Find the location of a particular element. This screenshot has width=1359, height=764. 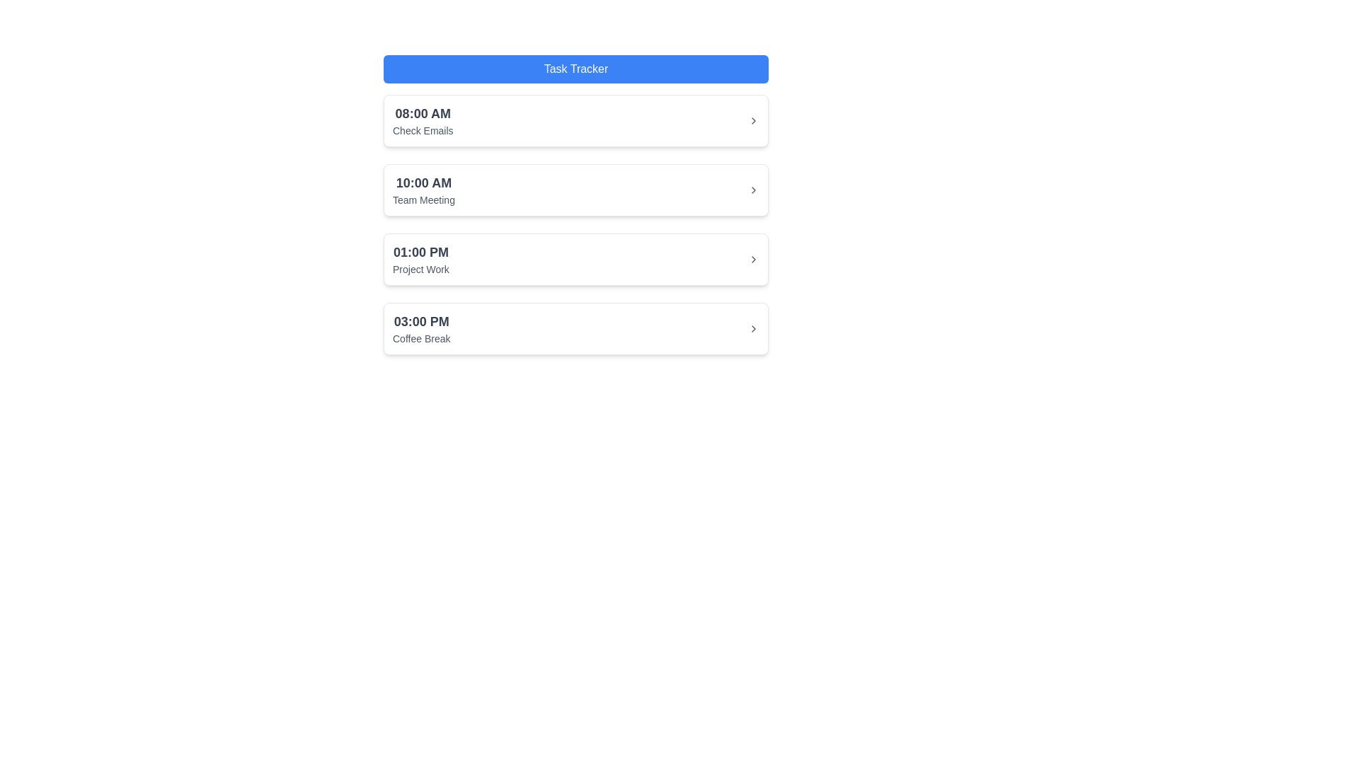

the static text label displaying the time '03:00 PM' associated with the scheduled task 'Coffee Break', located in the bottommost card of the task list is located at coordinates (420, 322).